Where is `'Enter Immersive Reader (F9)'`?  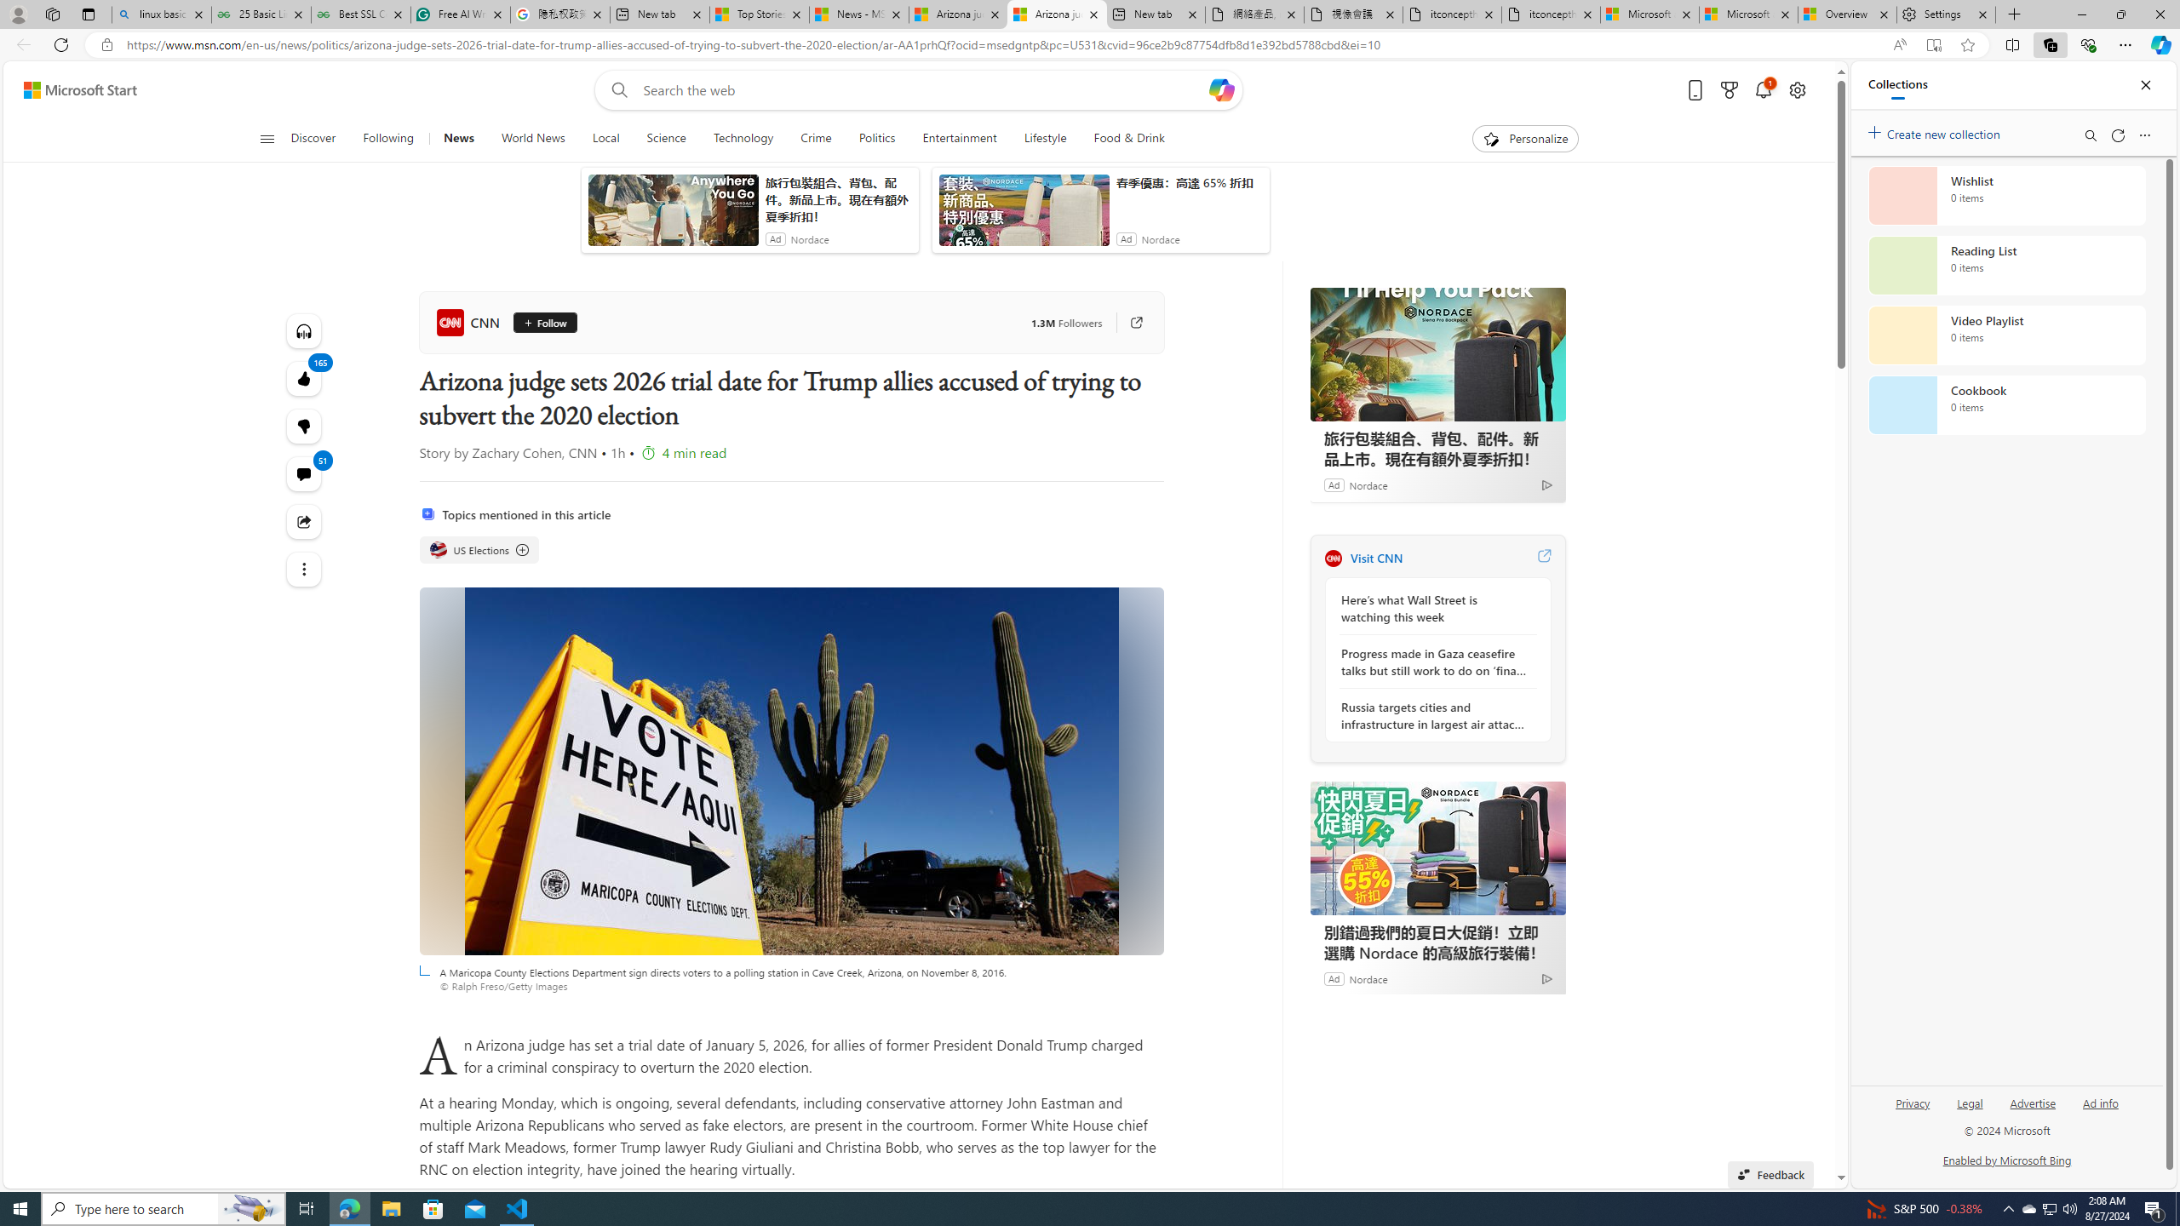
'Enter Immersive Reader (F9)' is located at coordinates (1933, 45).